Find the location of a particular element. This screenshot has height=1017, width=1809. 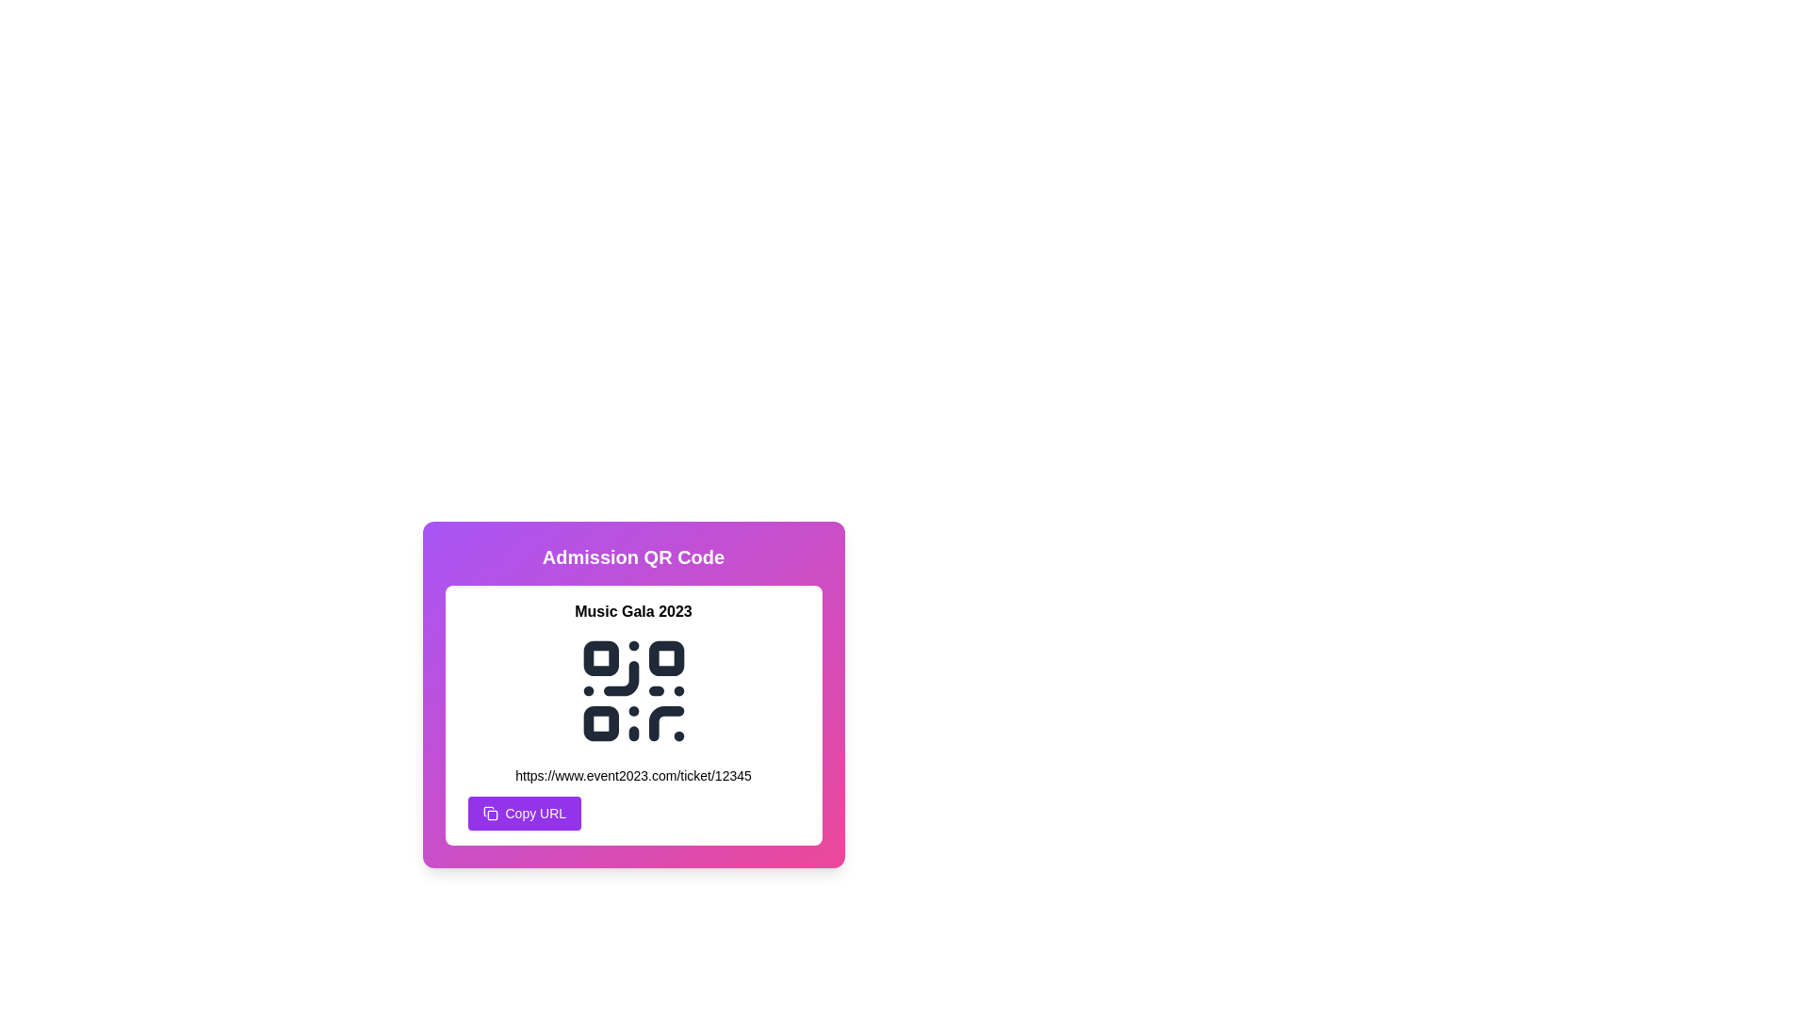

the text label displaying 'Music Gala 2023', which is positioned below the 'Admission QR Code' header and above the QR code graphic is located at coordinates (633, 612).